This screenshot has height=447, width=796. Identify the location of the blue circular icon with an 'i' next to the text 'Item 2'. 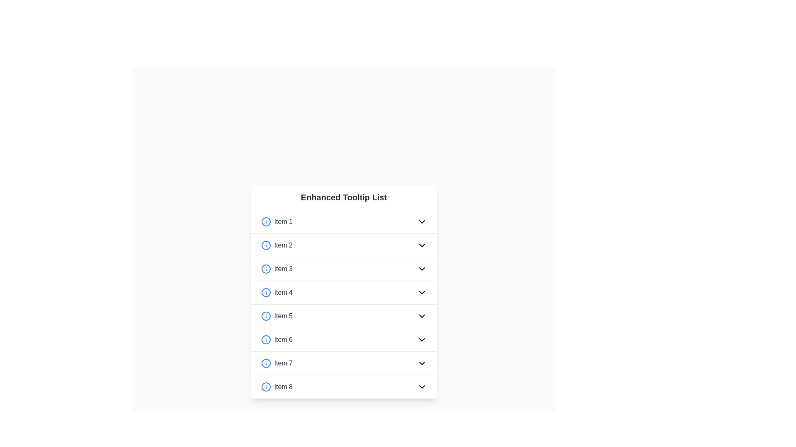
(277, 245).